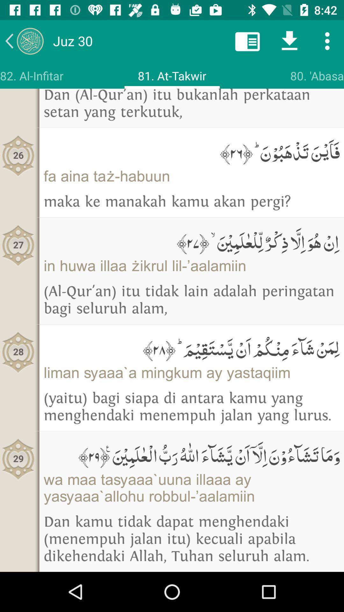  What do you see at coordinates (327, 40) in the screenshot?
I see `the more icon` at bounding box center [327, 40].